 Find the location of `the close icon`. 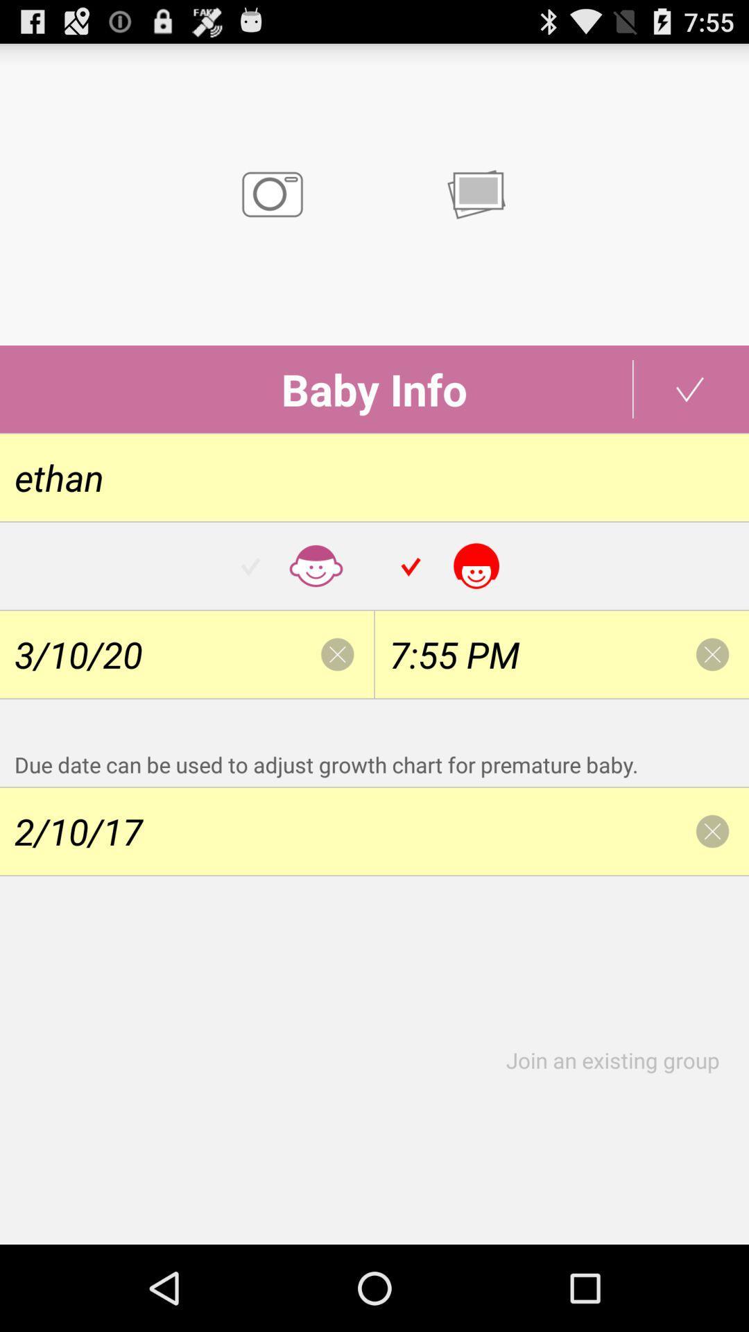

the close icon is located at coordinates (712, 700).